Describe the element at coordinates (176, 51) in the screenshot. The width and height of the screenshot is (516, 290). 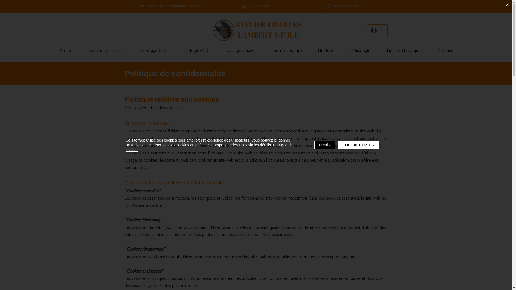
I see `'Fraisage CNC'` at that location.